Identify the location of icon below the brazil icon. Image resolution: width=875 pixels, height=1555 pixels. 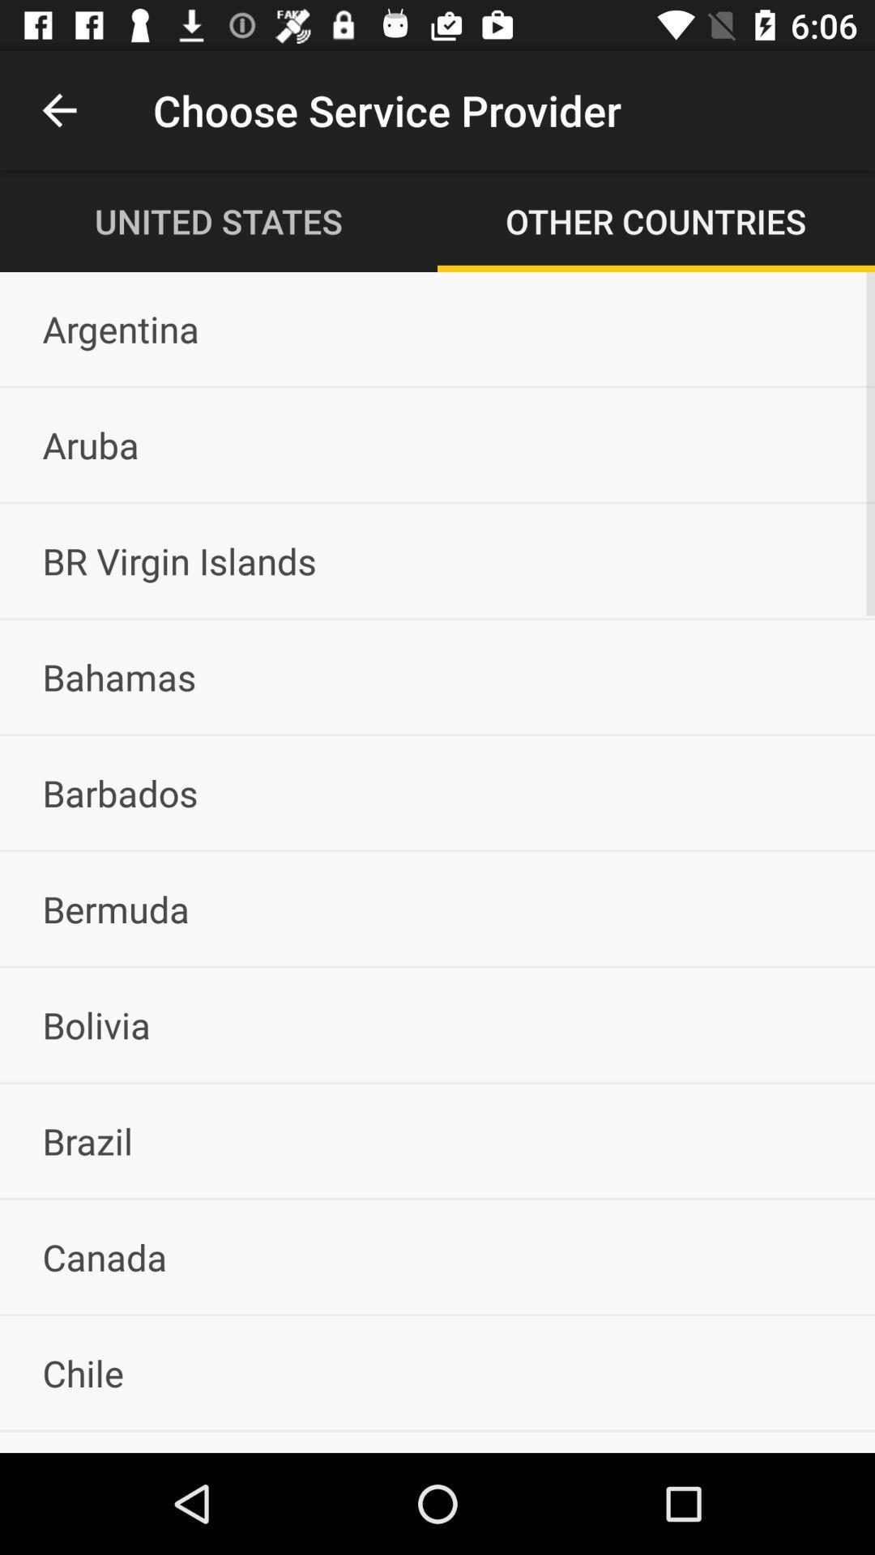
(437, 1256).